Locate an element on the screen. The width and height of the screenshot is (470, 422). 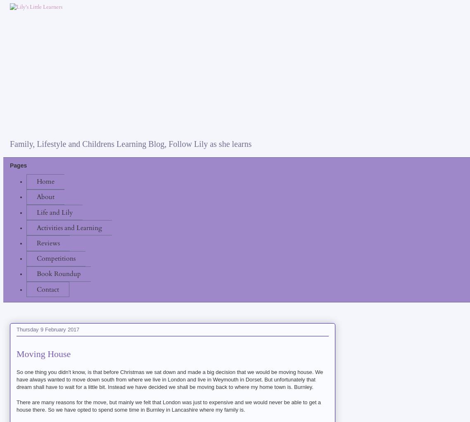
'Activities and Learning' is located at coordinates (36, 227).